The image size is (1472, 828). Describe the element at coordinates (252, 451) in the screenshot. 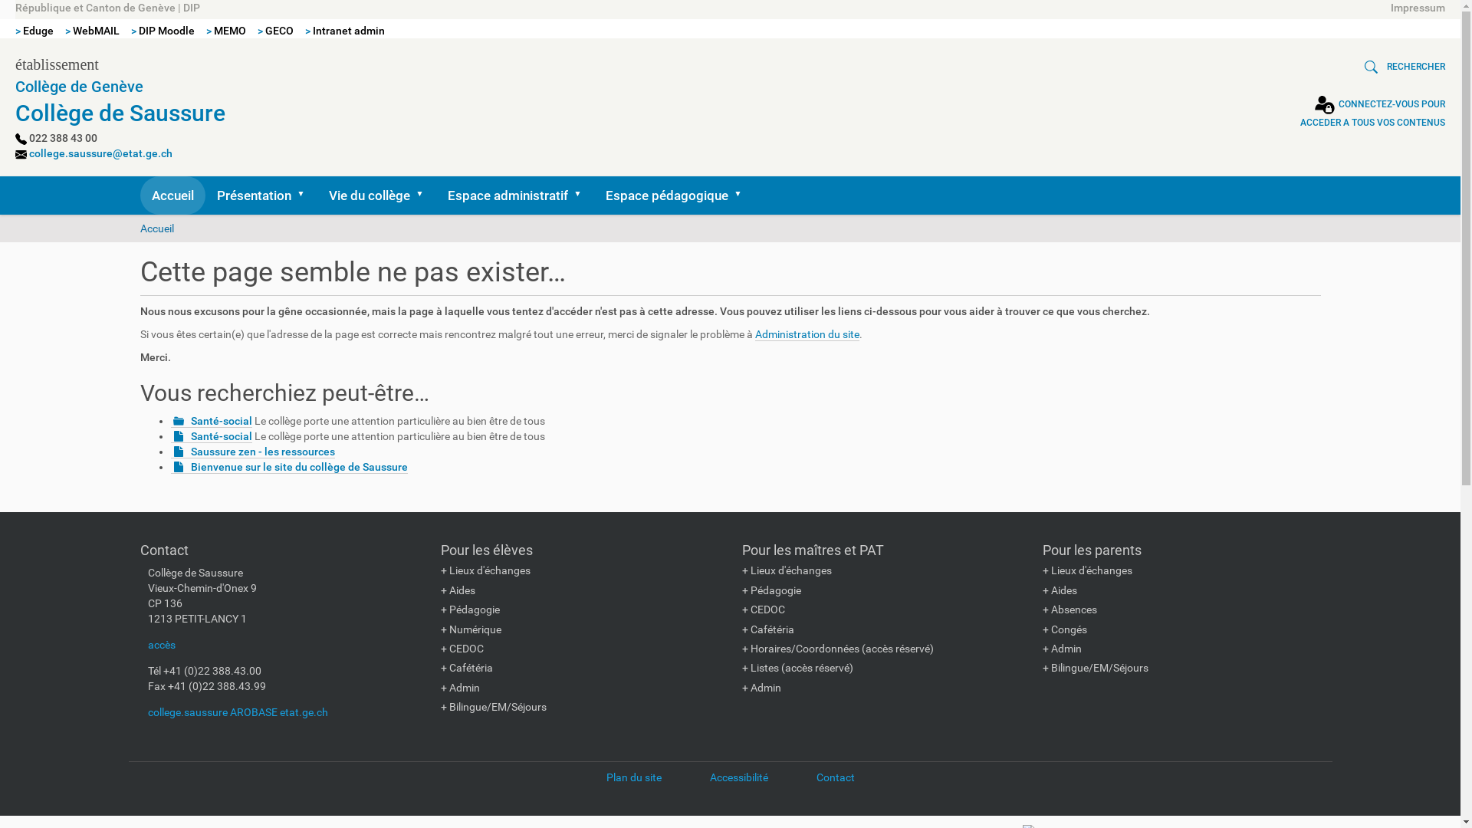

I see `'Saussure zen - les ressources'` at that location.